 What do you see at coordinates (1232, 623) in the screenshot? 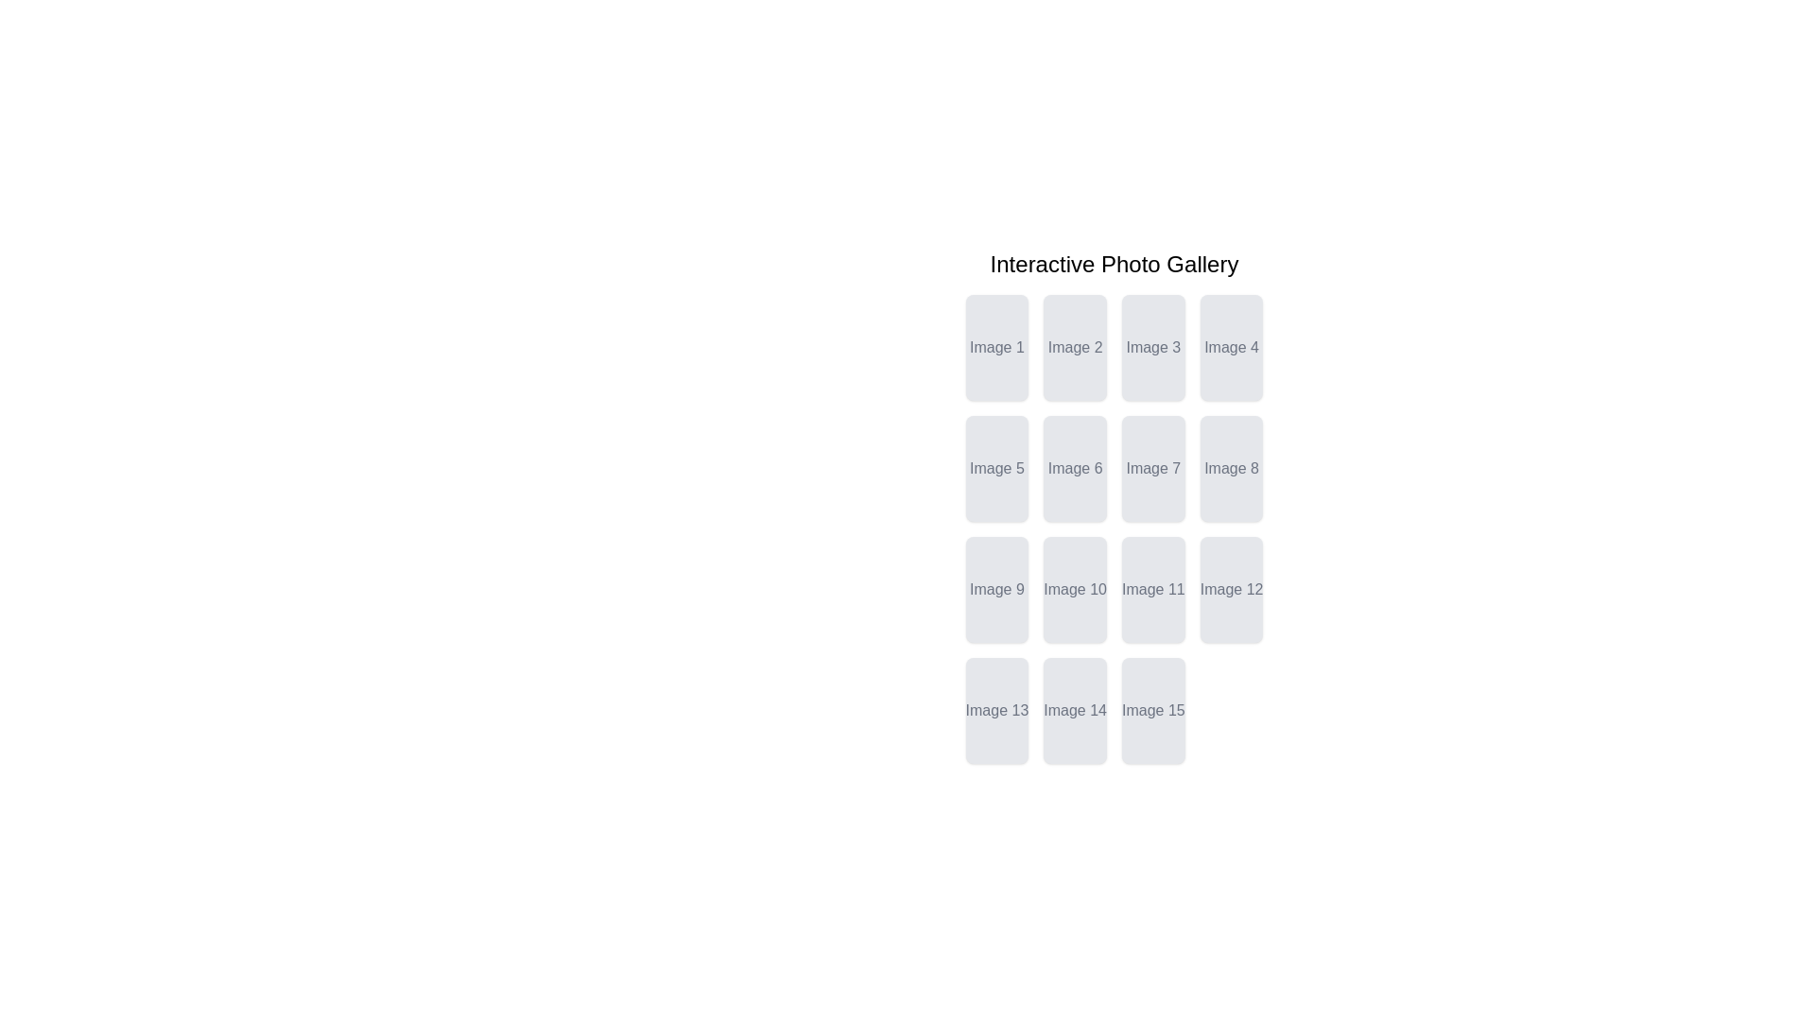
I see `the button located at the bottom of the grid cell for 'Image 12'` at bounding box center [1232, 623].